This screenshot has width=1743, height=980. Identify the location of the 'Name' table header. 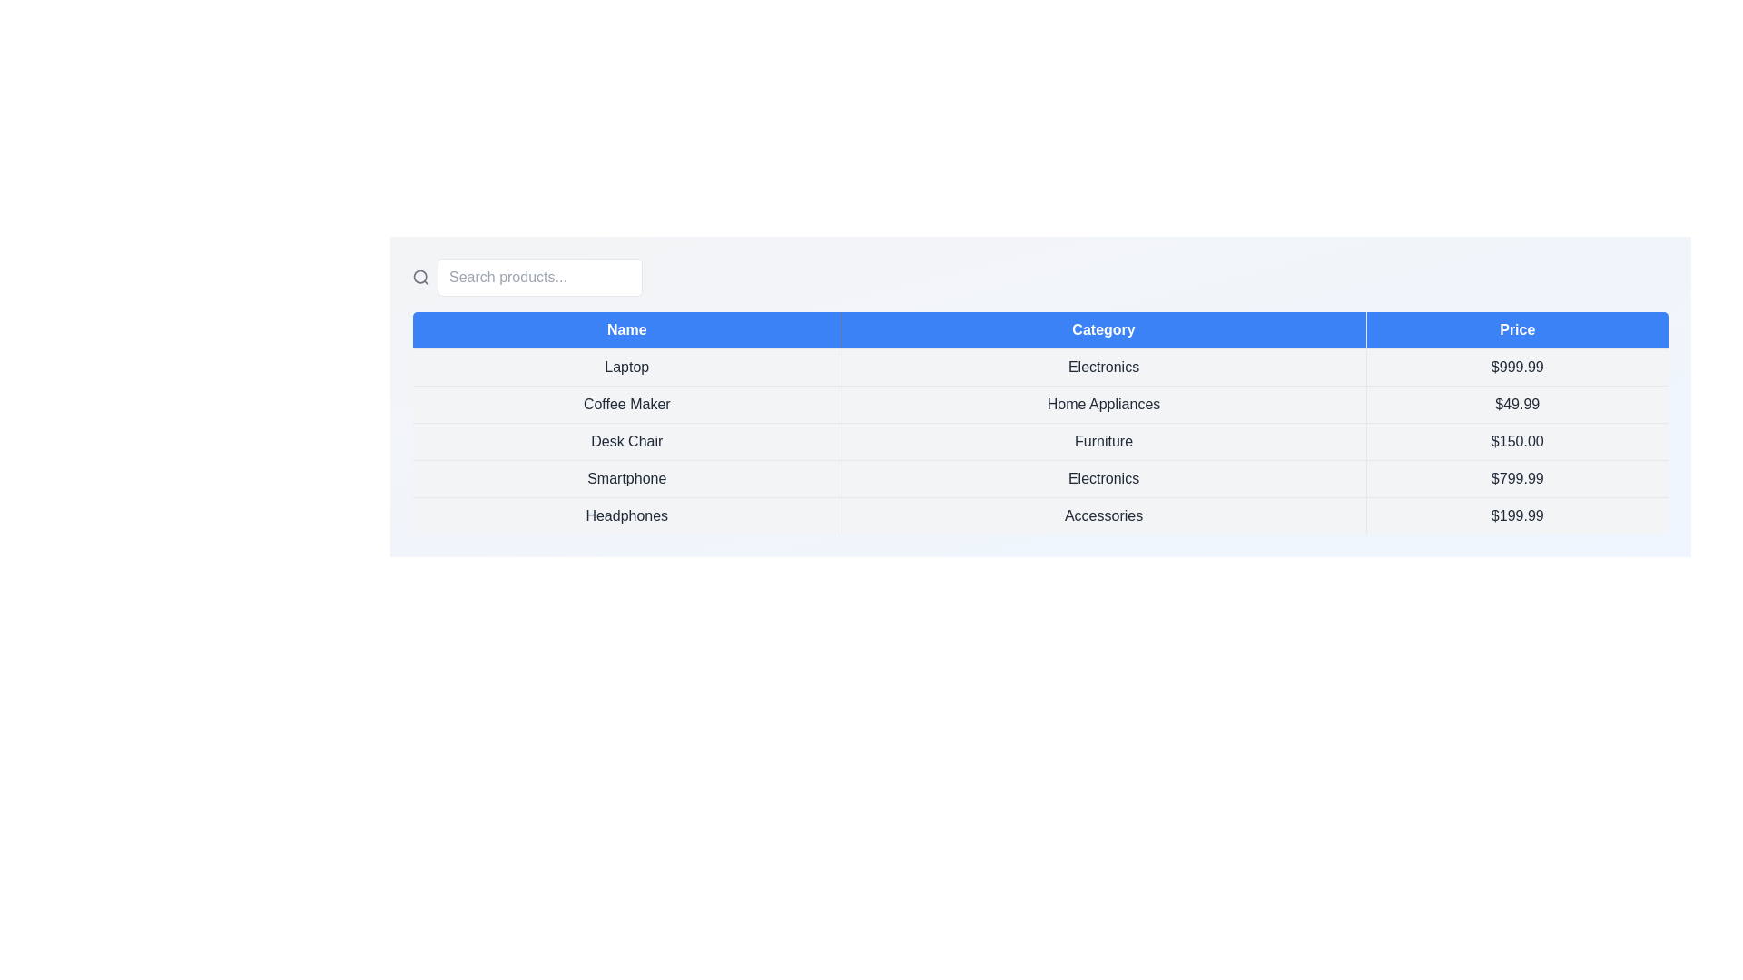
(626, 329).